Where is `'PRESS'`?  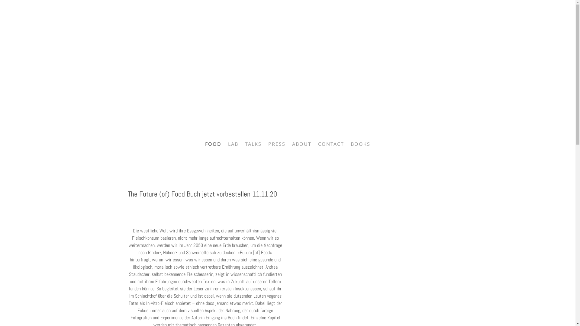 'PRESS' is located at coordinates (276, 144).